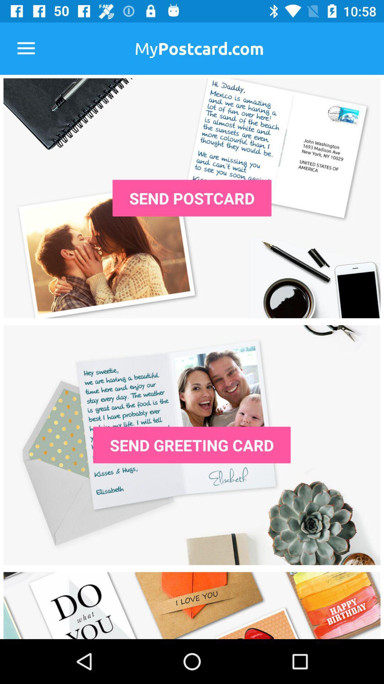 The image size is (384, 684). I want to click on send postcard item, so click(192, 198).